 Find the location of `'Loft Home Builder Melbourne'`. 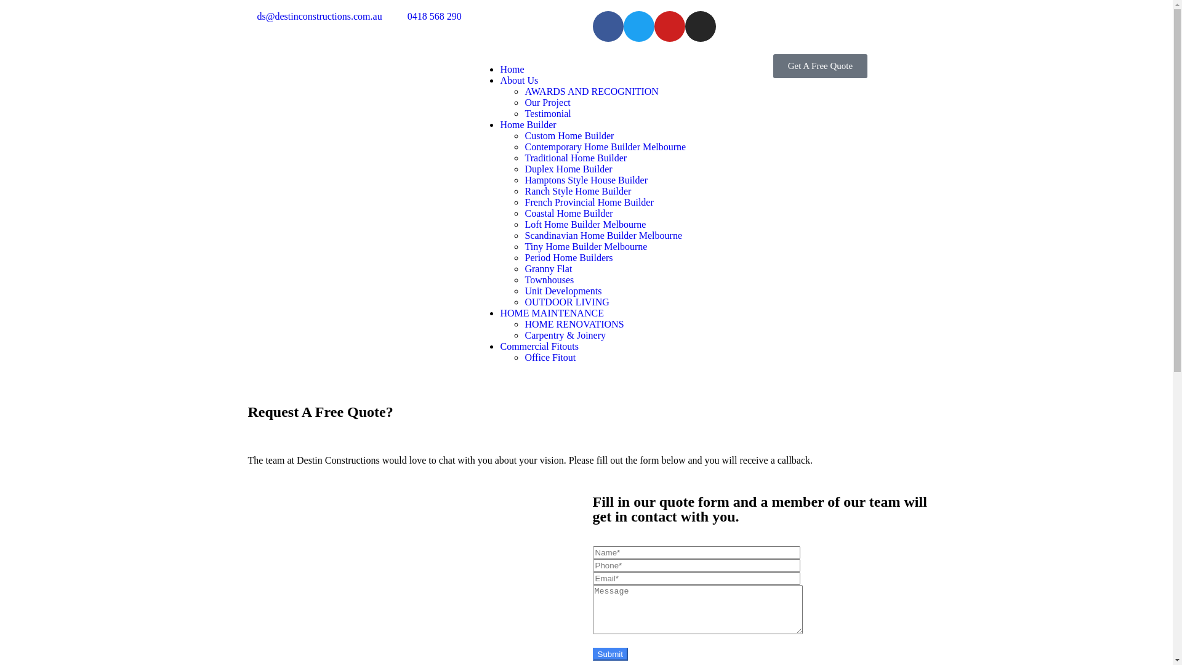

'Loft Home Builder Melbourne' is located at coordinates (584, 224).